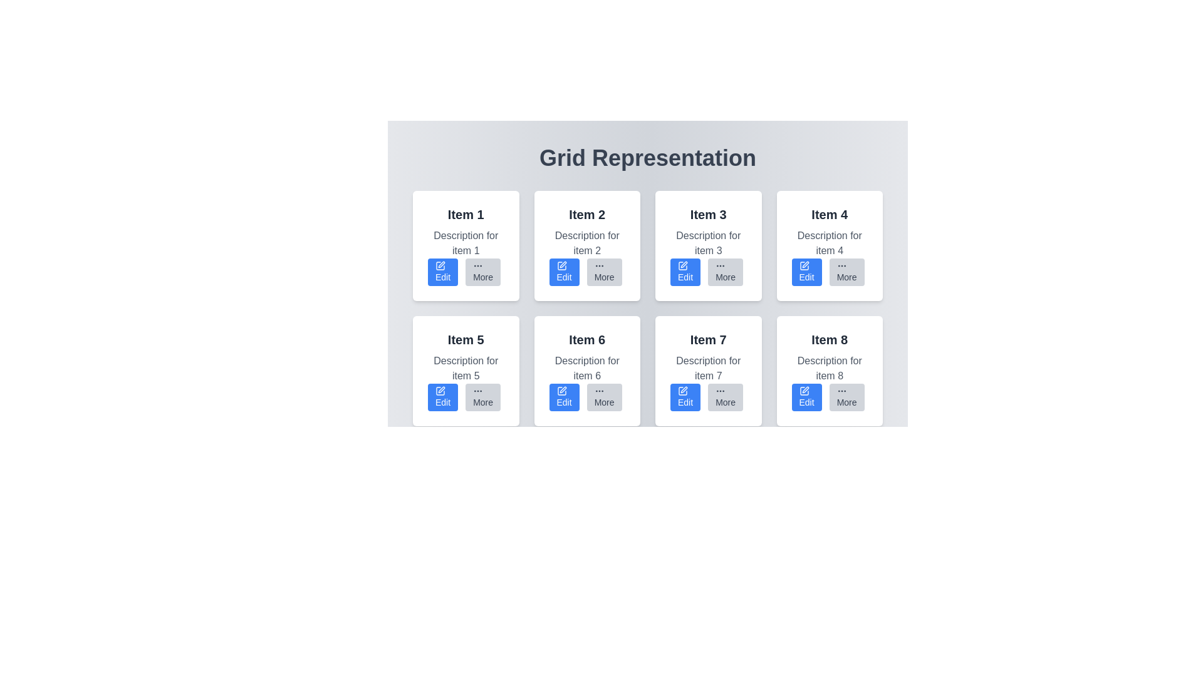 This screenshot has width=1203, height=676. I want to click on the edit button for 'Item 7' to observe the hover effect, so click(685, 397).